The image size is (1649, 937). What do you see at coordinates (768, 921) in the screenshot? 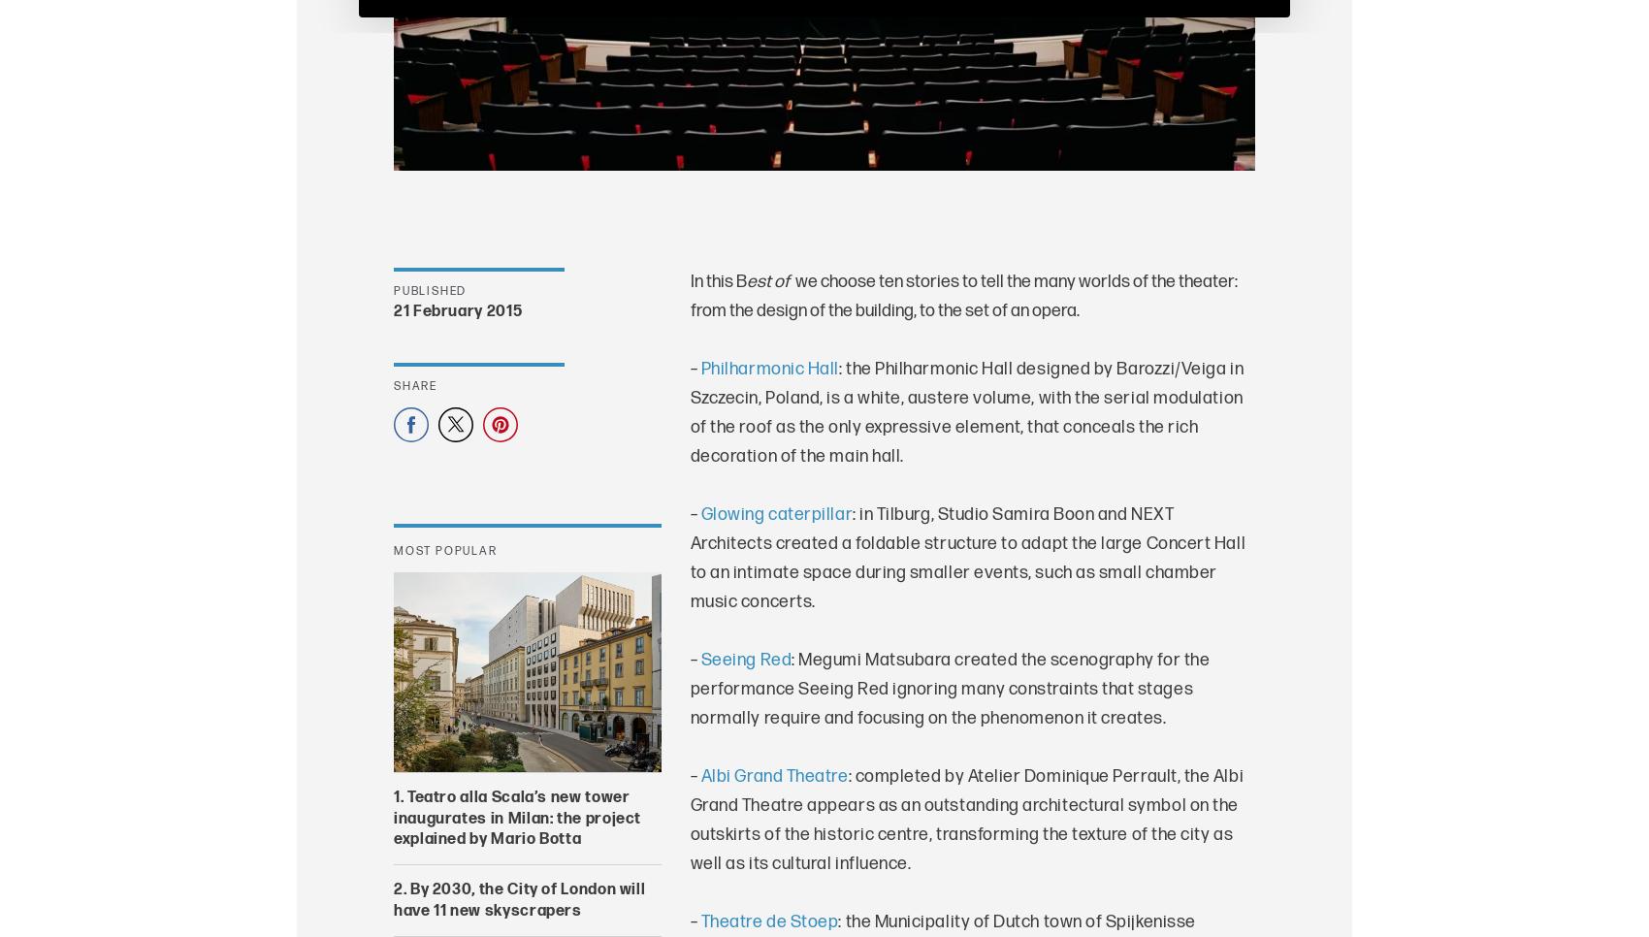
I see `'Theatre de Stoep'` at bounding box center [768, 921].